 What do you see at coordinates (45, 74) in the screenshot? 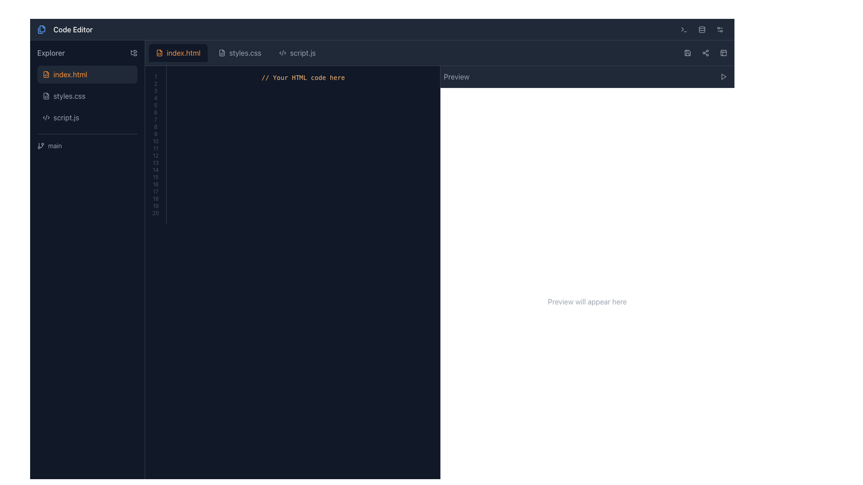
I see `into the coding file icon representing 'index.html' located in the left sidebar of the file explorer by moving the cursor to its center point` at bounding box center [45, 74].